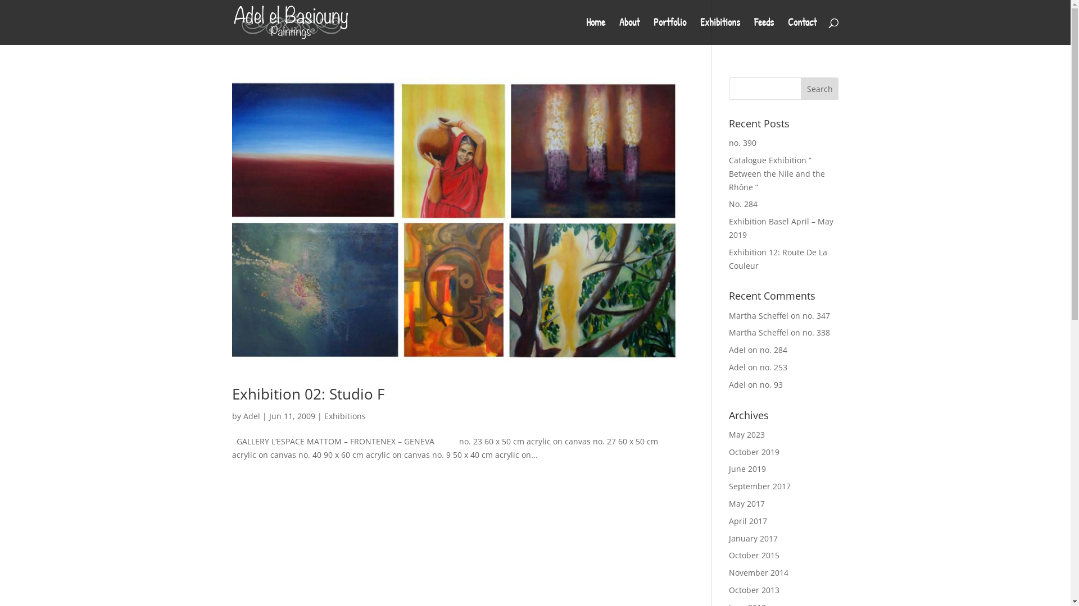 This screenshot has height=606, width=1079. I want to click on 'May 2023', so click(747, 434).